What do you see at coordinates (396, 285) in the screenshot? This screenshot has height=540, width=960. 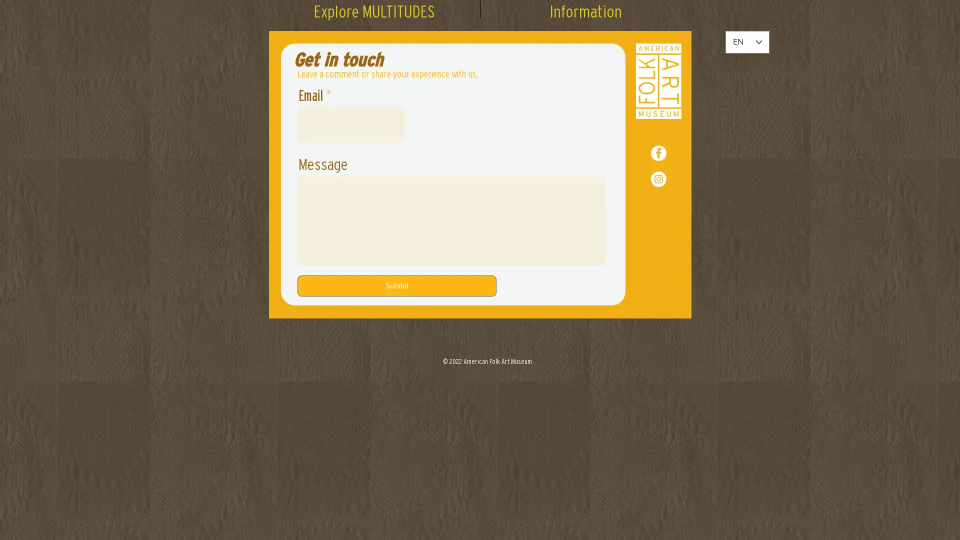 I see `Submit` at bounding box center [396, 285].